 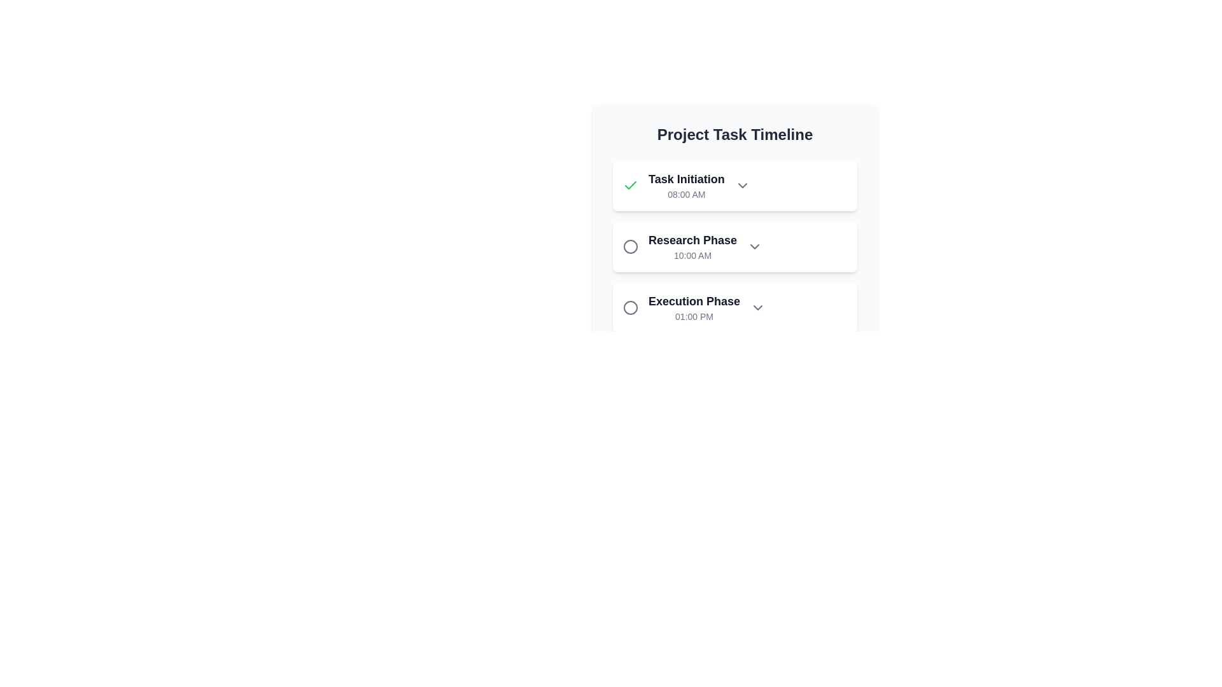 What do you see at coordinates (735, 247) in the screenshot?
I see `the second task item in the 'Project Task Timeline' list, which is positioned beneath 'Task Initiation'` at bounding box center [735, 247].